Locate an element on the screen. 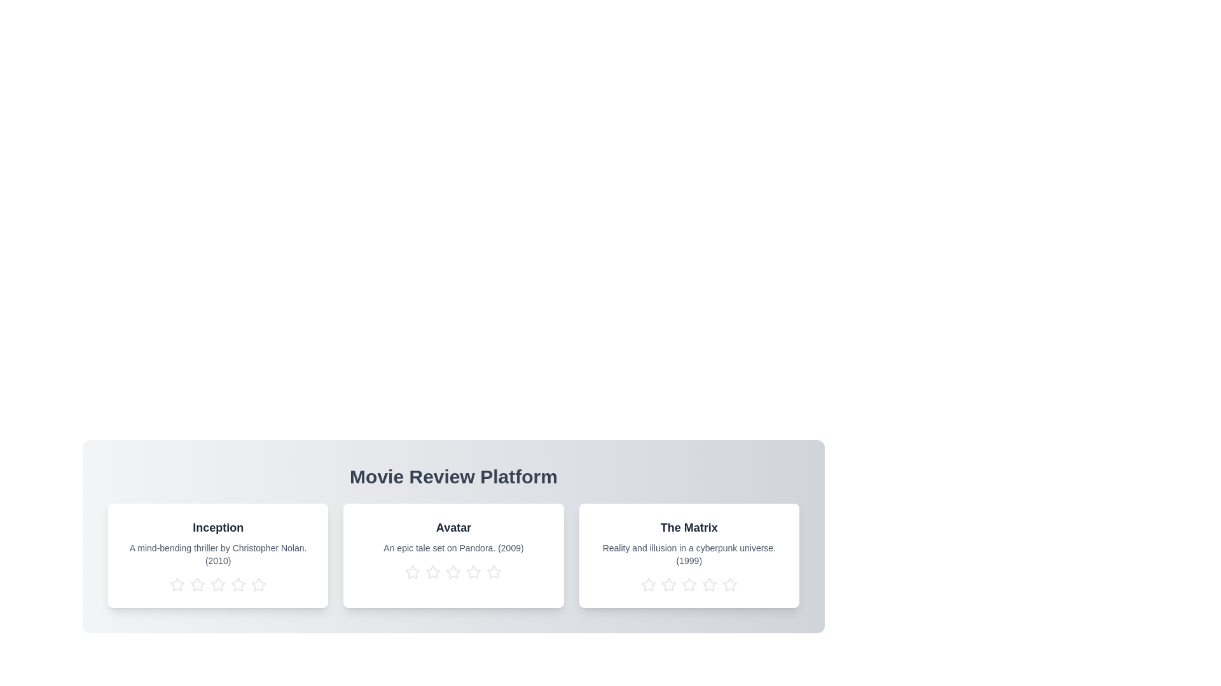  the star corresponding to 1 stars for the movie titled The Matrix is located at coordinates (647, 585).